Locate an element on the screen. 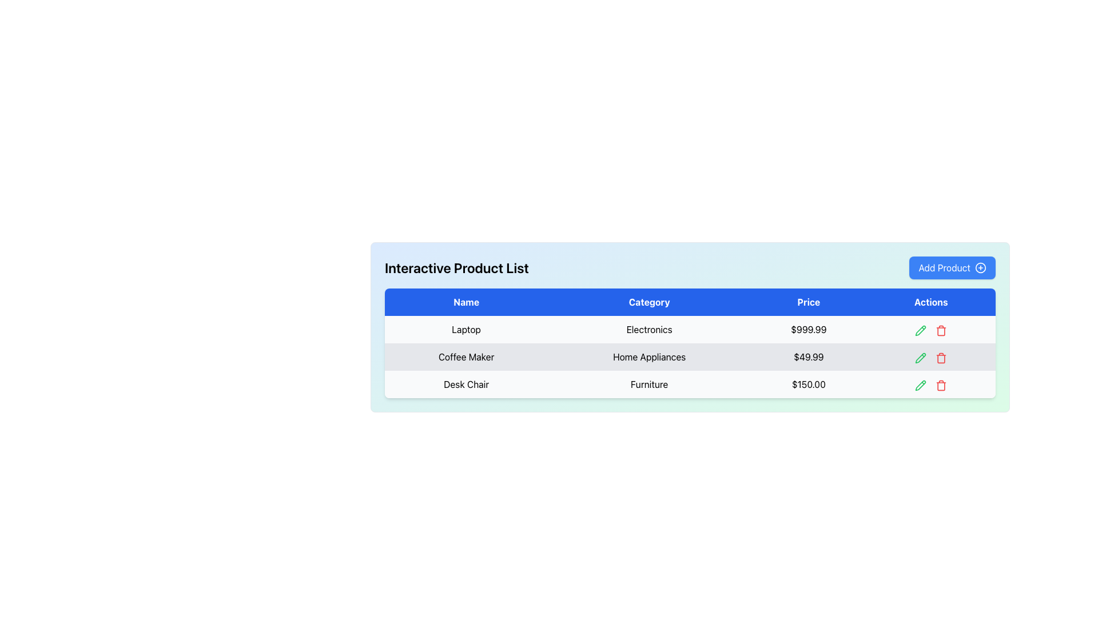 The image size is (1098, 617). the trash icon button located in the 'Actions' column of the first row in the product listing is located at coordinates (941, 330).